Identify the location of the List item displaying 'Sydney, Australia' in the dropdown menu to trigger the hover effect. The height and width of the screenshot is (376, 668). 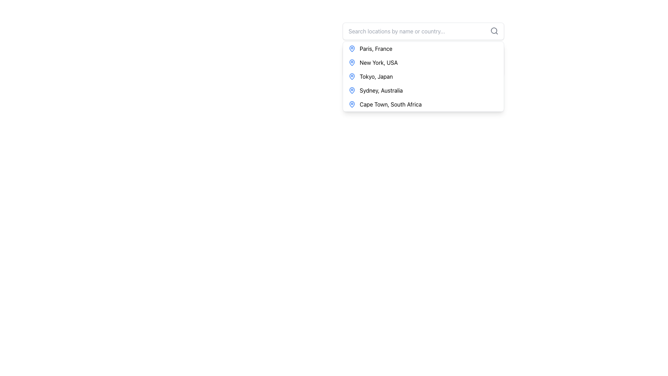
(423, 90).